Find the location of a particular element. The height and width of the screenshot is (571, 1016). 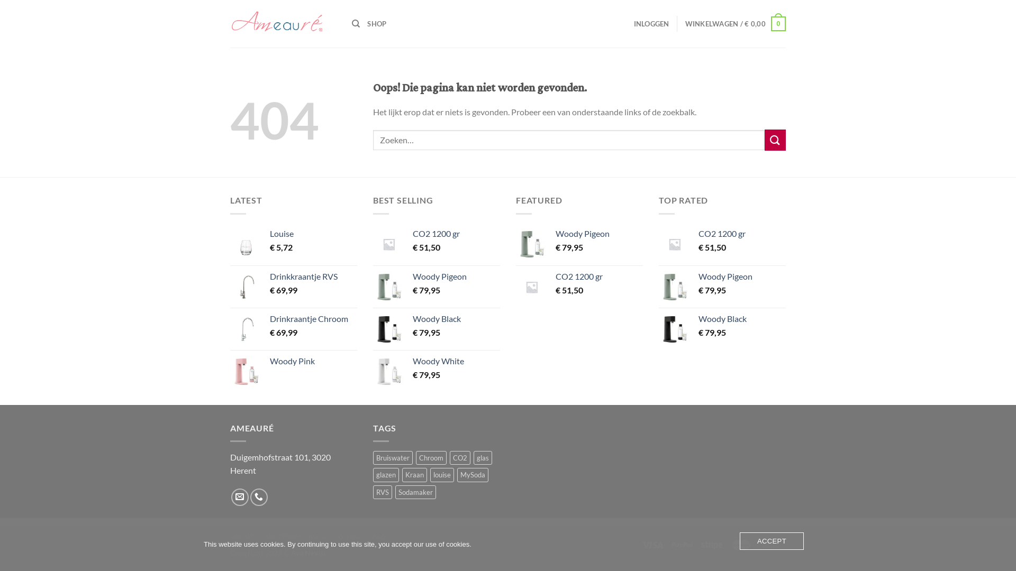

'RVS' is located at coordinates (382, 492).